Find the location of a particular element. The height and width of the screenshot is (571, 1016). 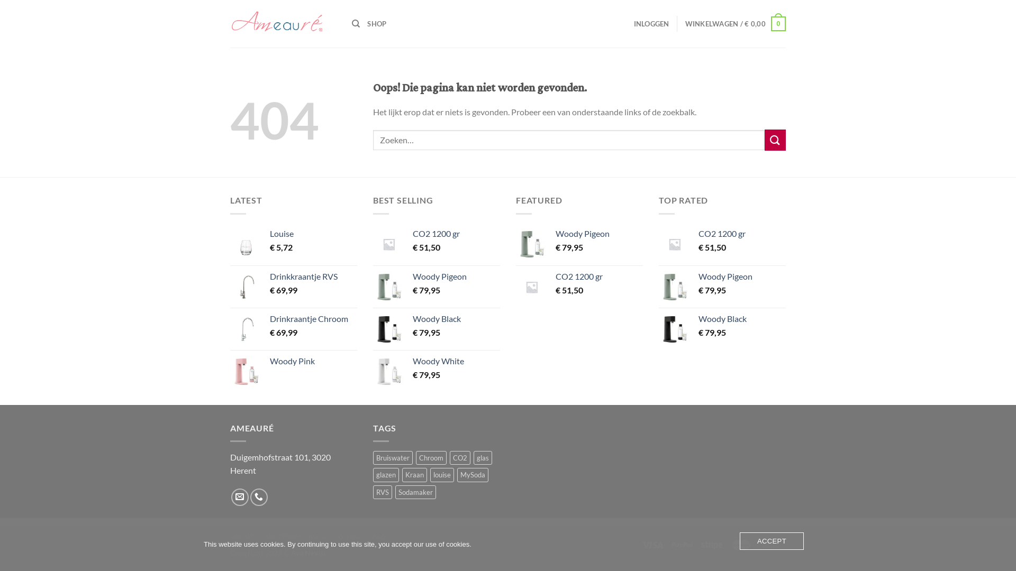

'RVS' is located at coordinates (382, 492).